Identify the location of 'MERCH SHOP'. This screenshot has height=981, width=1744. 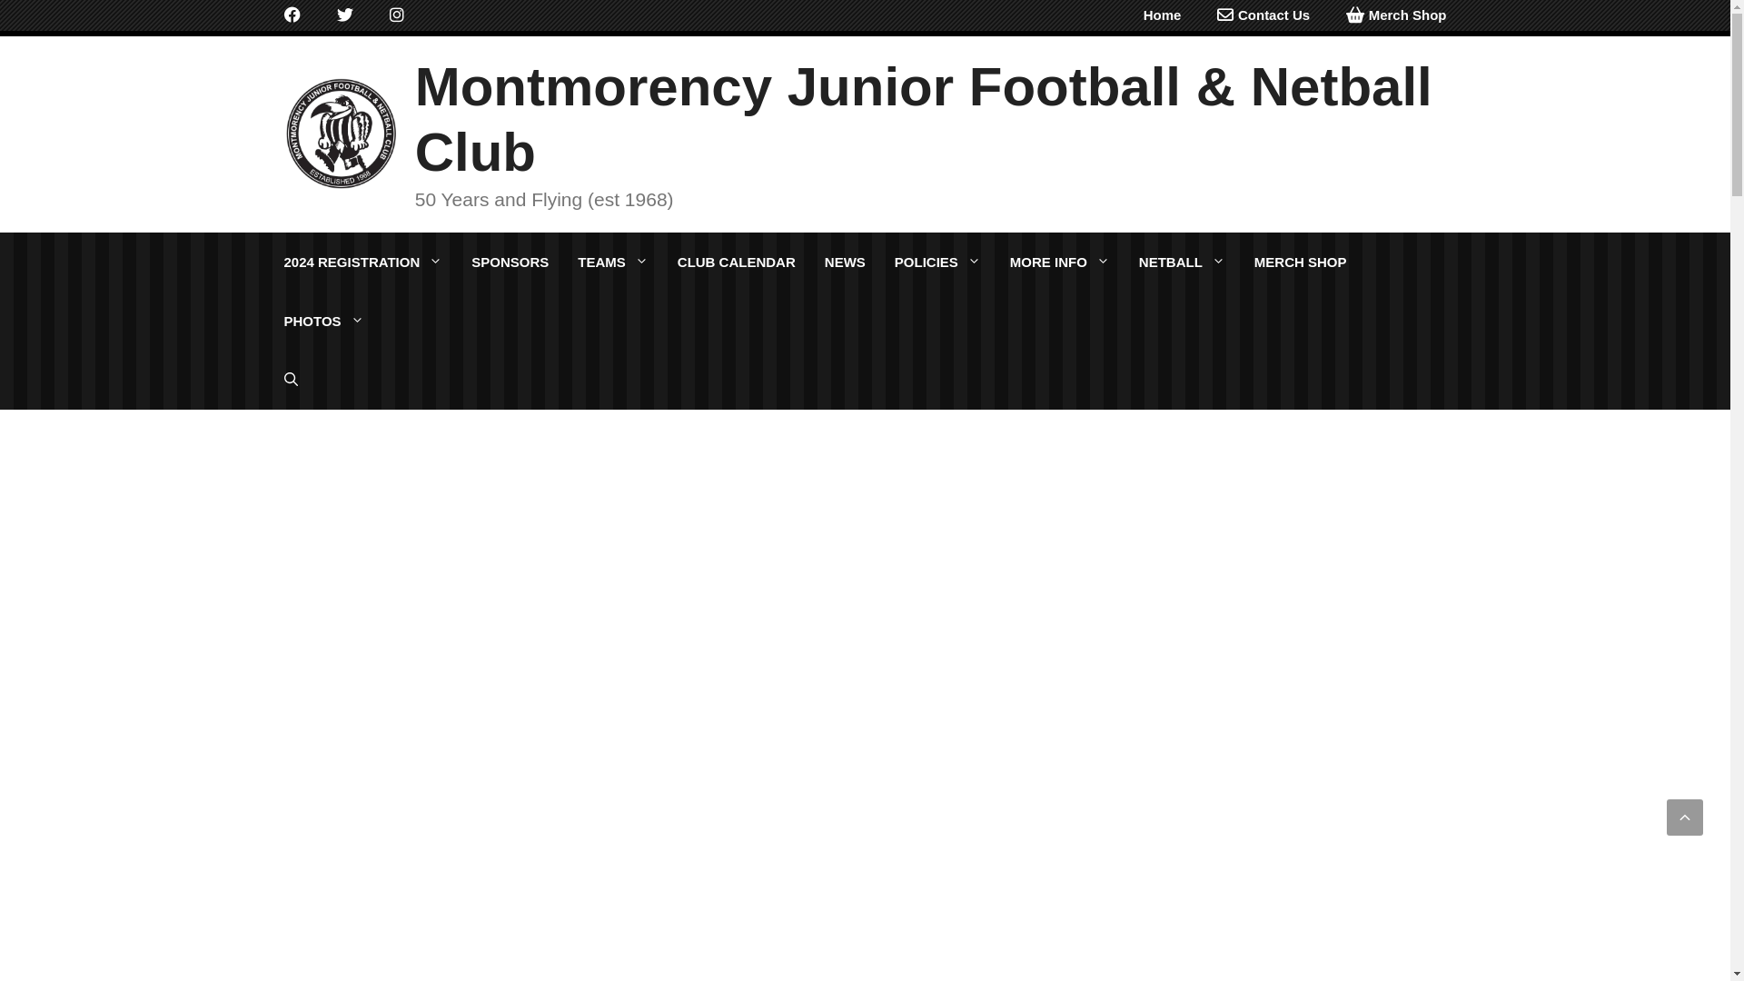
(1238, 262).